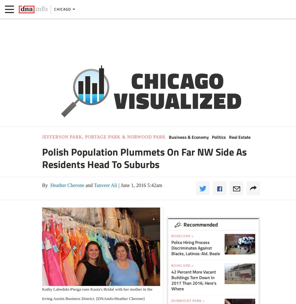 The height and width of the screenshot is (304, 296). I want to click on 'Tanveer Ali', so click(92, 185).